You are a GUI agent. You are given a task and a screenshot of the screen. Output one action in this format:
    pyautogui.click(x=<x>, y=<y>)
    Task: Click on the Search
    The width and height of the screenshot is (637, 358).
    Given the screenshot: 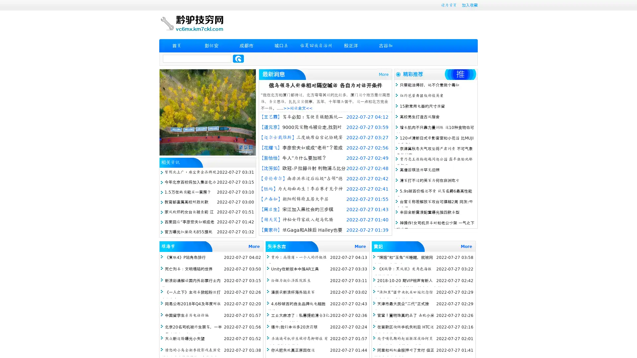 What is the action you would take?
    pyautogui.click(x=238, y=58)
    